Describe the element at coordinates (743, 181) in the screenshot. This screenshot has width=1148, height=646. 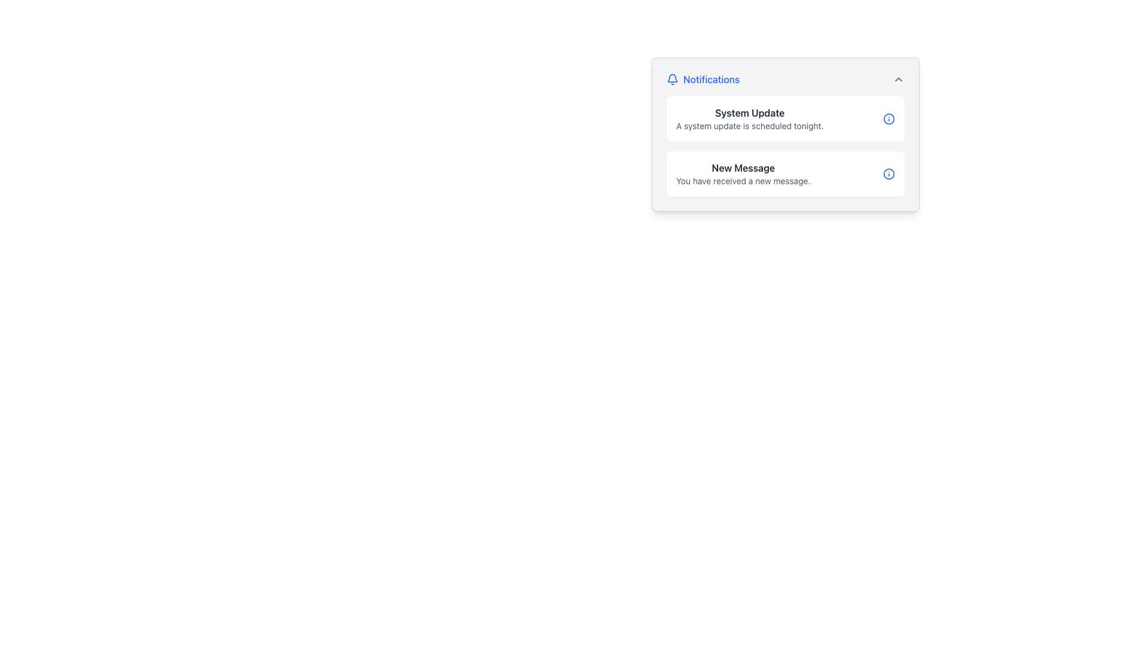
I see `text displayed in the notification message below the 'New Message' title in the notifications panel` at that location.